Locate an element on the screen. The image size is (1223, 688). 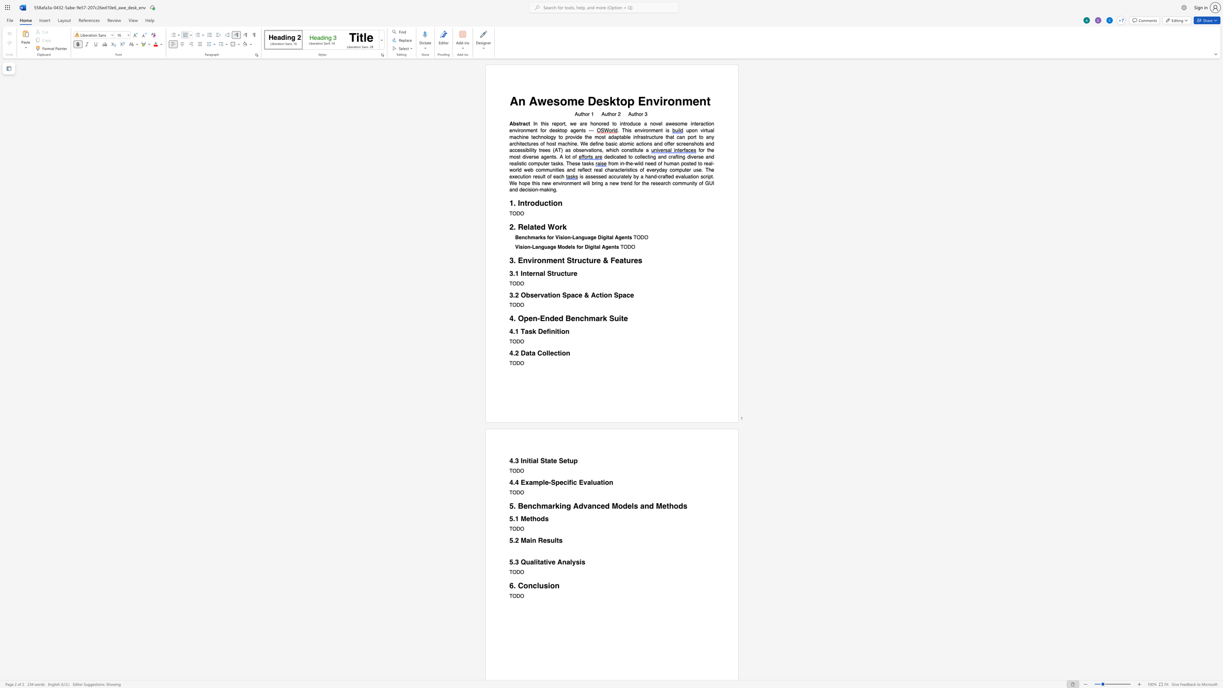
the 1th character "l" in the text is located at coordinates (536, 460).